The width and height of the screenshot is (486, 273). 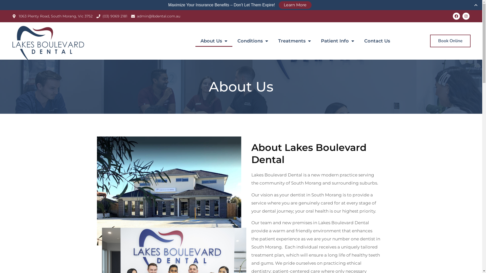 I want to click on 'Conditions', so click(x=253, y=41).